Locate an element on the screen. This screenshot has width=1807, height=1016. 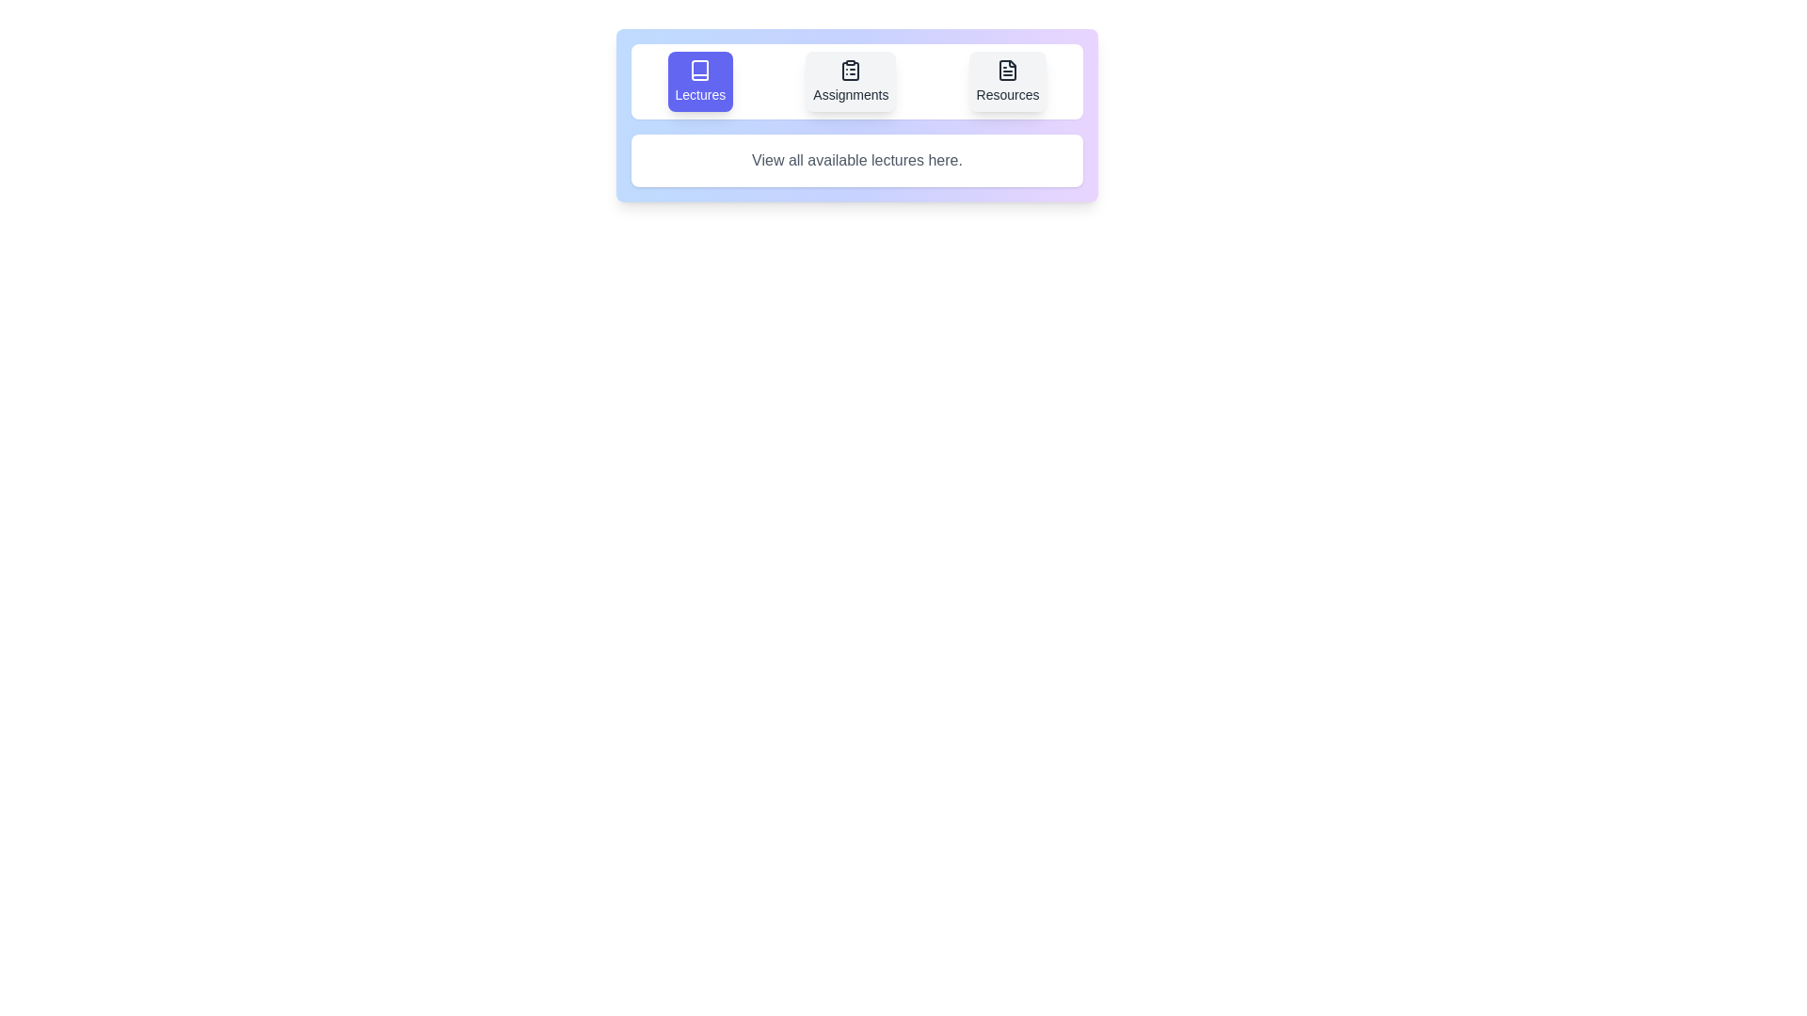
the Resources tab to trigger its hover effect is located at coordinates (1006, 81).